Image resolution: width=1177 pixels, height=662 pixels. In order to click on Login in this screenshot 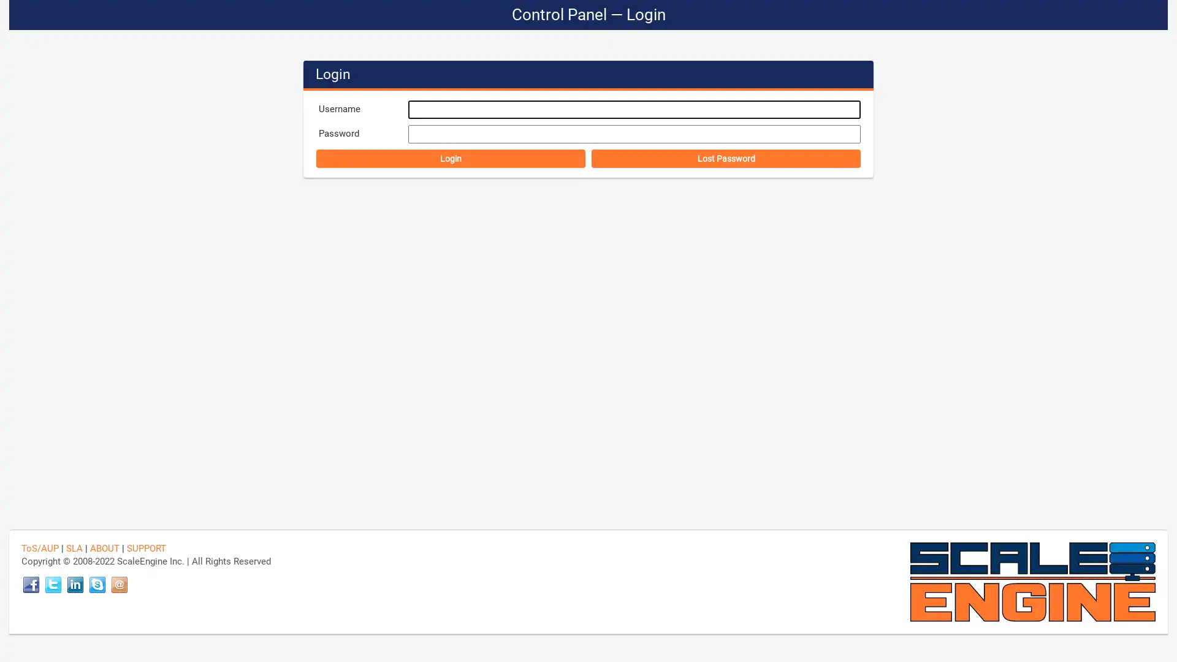, I will do `click(450, 158)`.